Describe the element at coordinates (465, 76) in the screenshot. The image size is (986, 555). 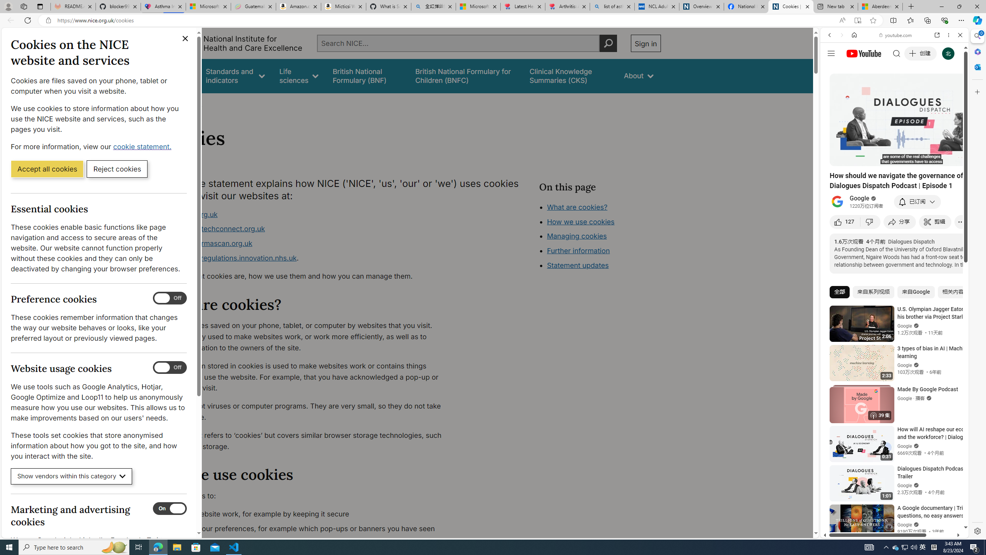
I see `'British National Formulary for Children (BNFC)'` at that location.